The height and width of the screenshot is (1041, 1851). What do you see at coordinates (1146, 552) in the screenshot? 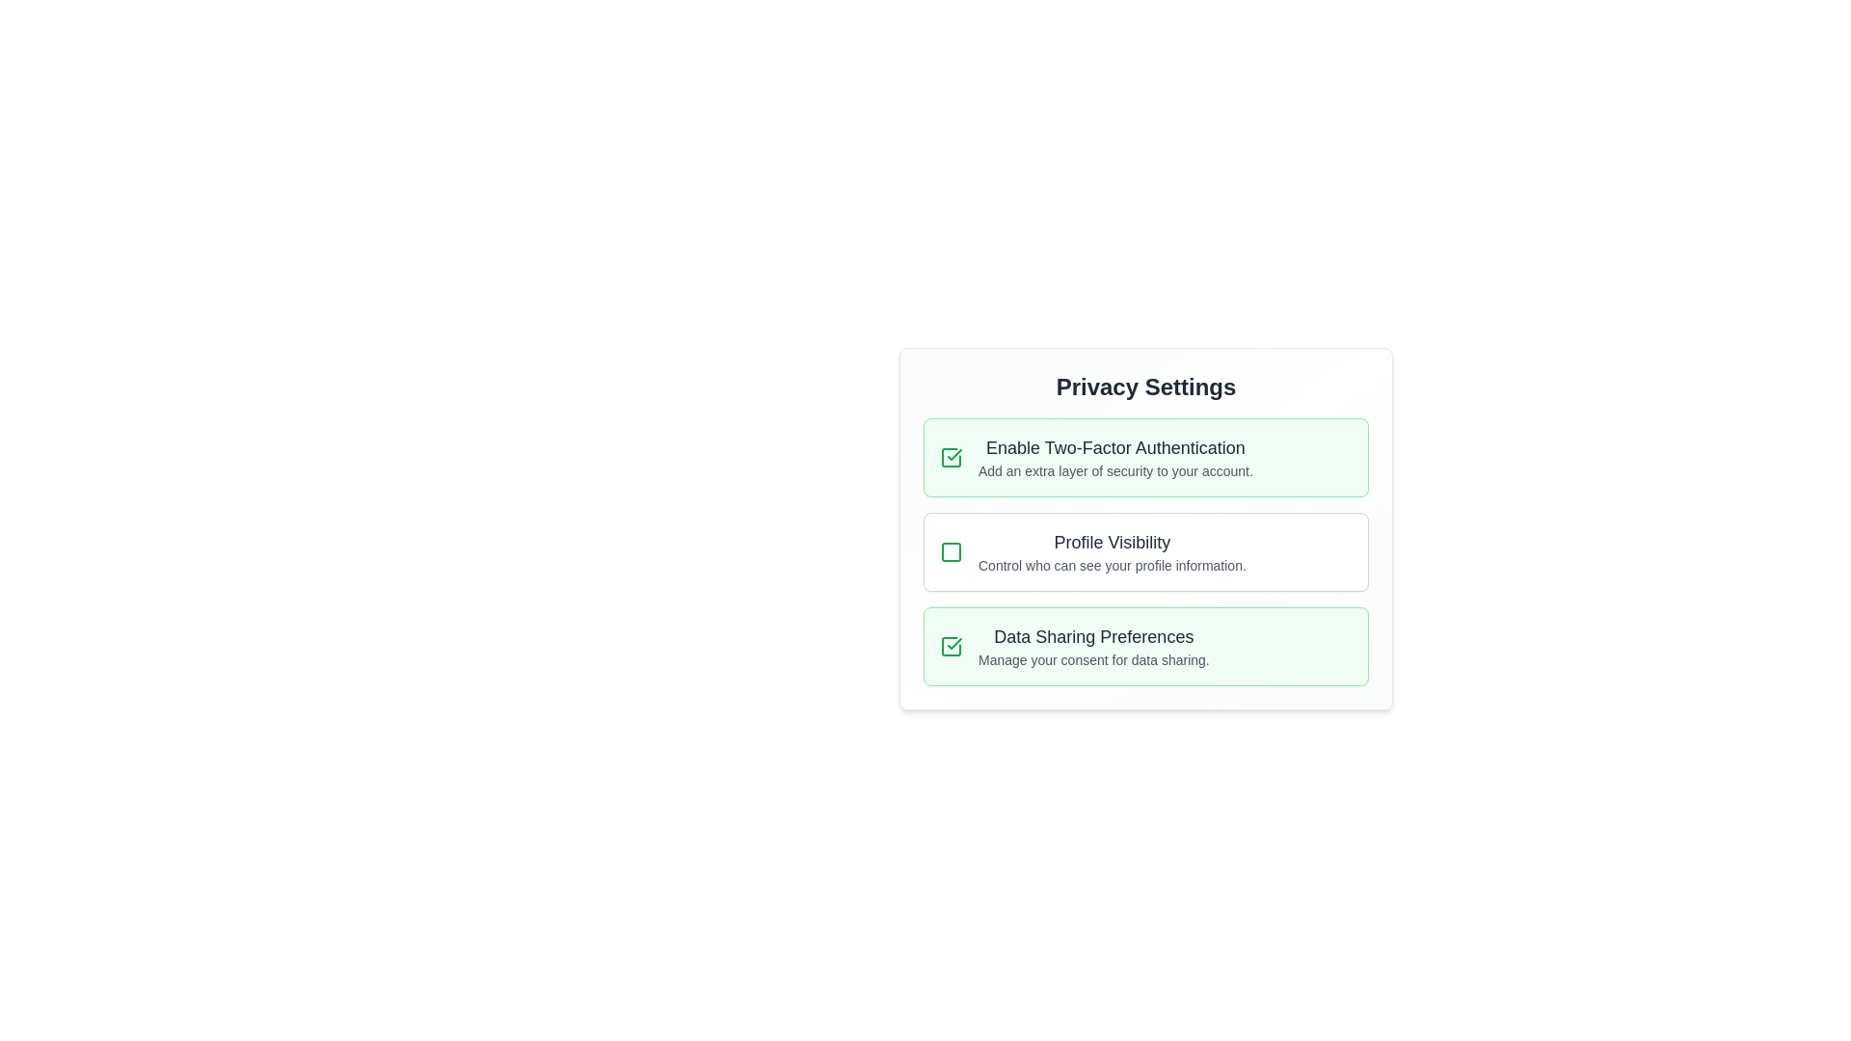
I see `the second informational card in the 'Privacy Settings' section, which contains a selectable checkbox` at bounding box center [1146, 552].